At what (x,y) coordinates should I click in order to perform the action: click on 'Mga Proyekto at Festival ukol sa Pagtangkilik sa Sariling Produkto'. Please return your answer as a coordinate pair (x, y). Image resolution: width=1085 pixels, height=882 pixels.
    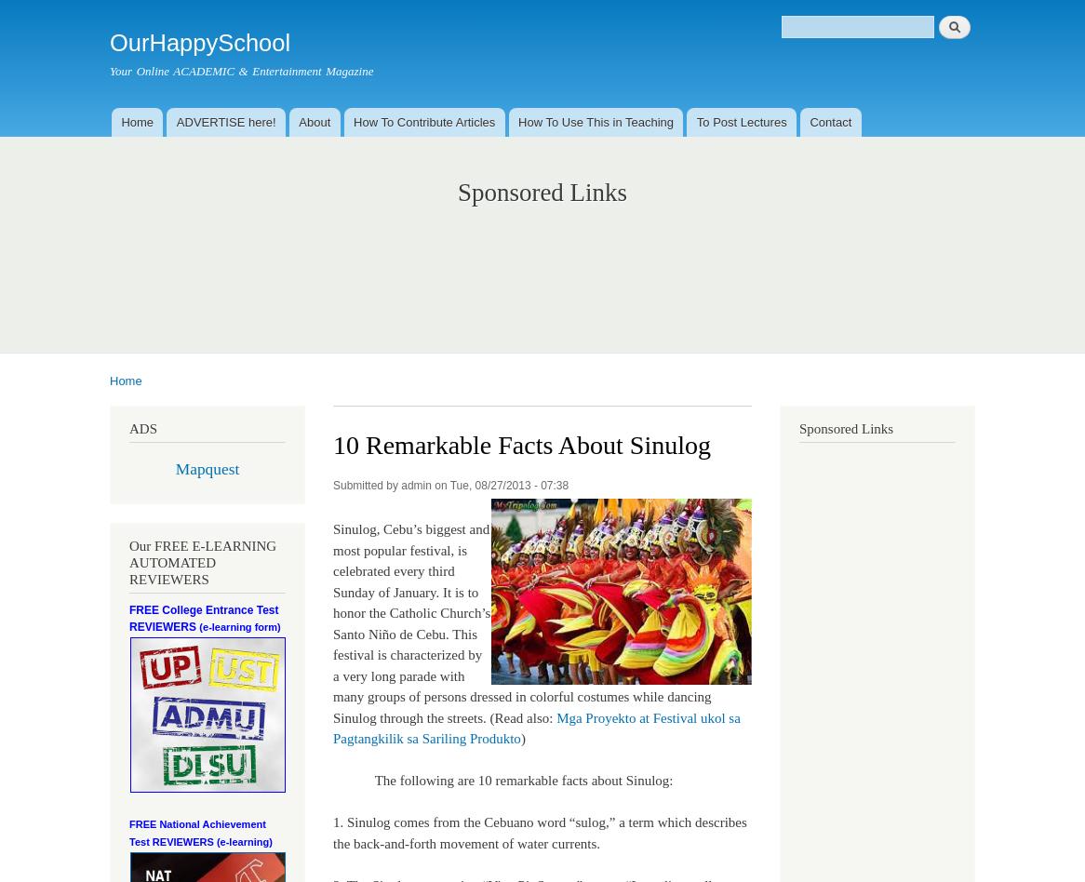
    Looking at the image, I should click on (332, 728).